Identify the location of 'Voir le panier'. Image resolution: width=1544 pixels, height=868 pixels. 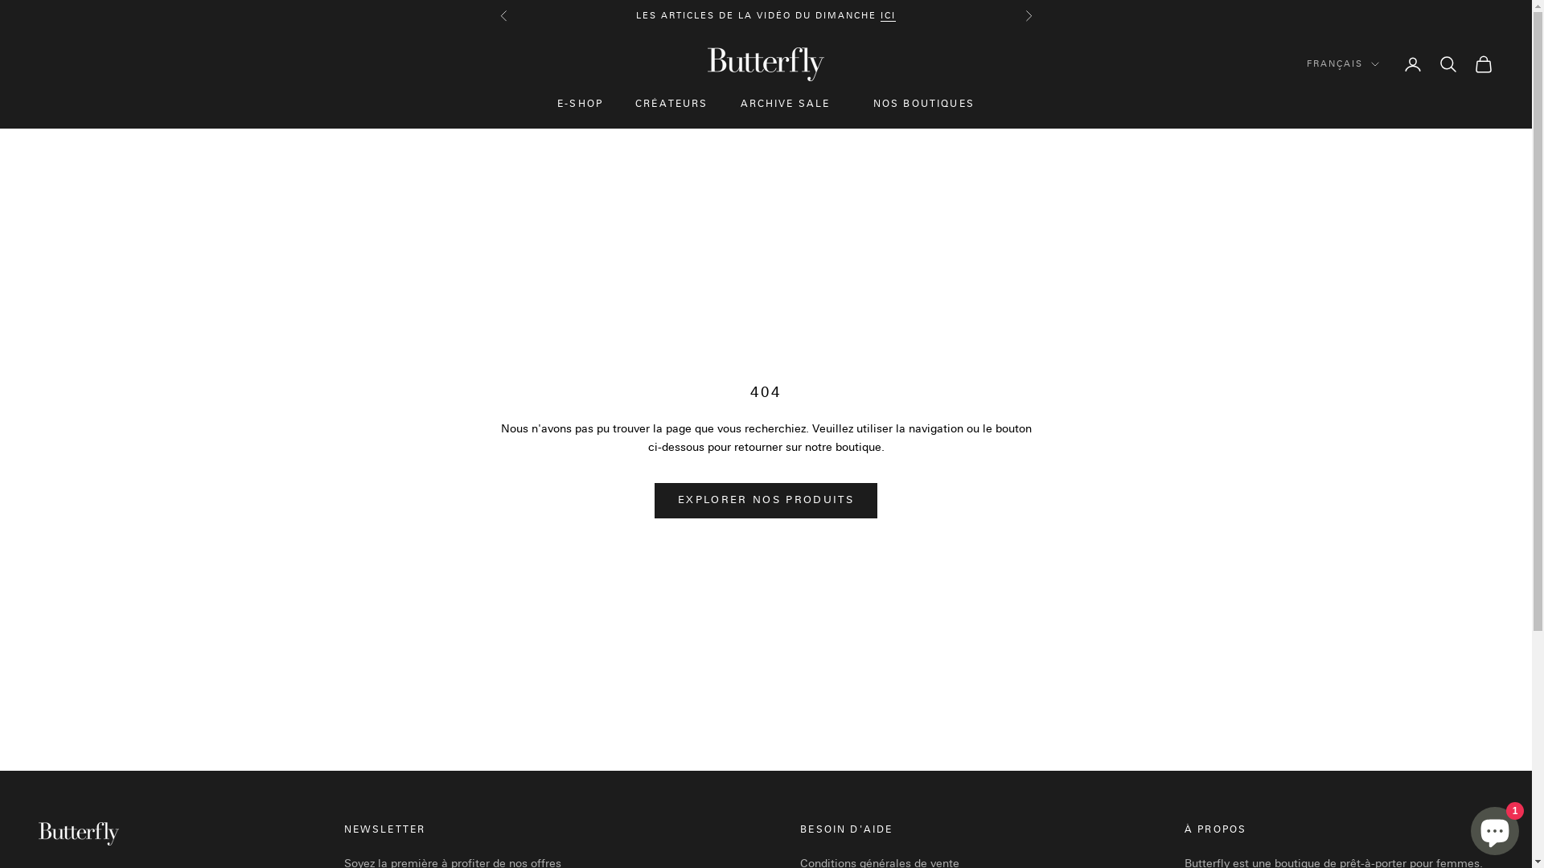
(1482, 63).